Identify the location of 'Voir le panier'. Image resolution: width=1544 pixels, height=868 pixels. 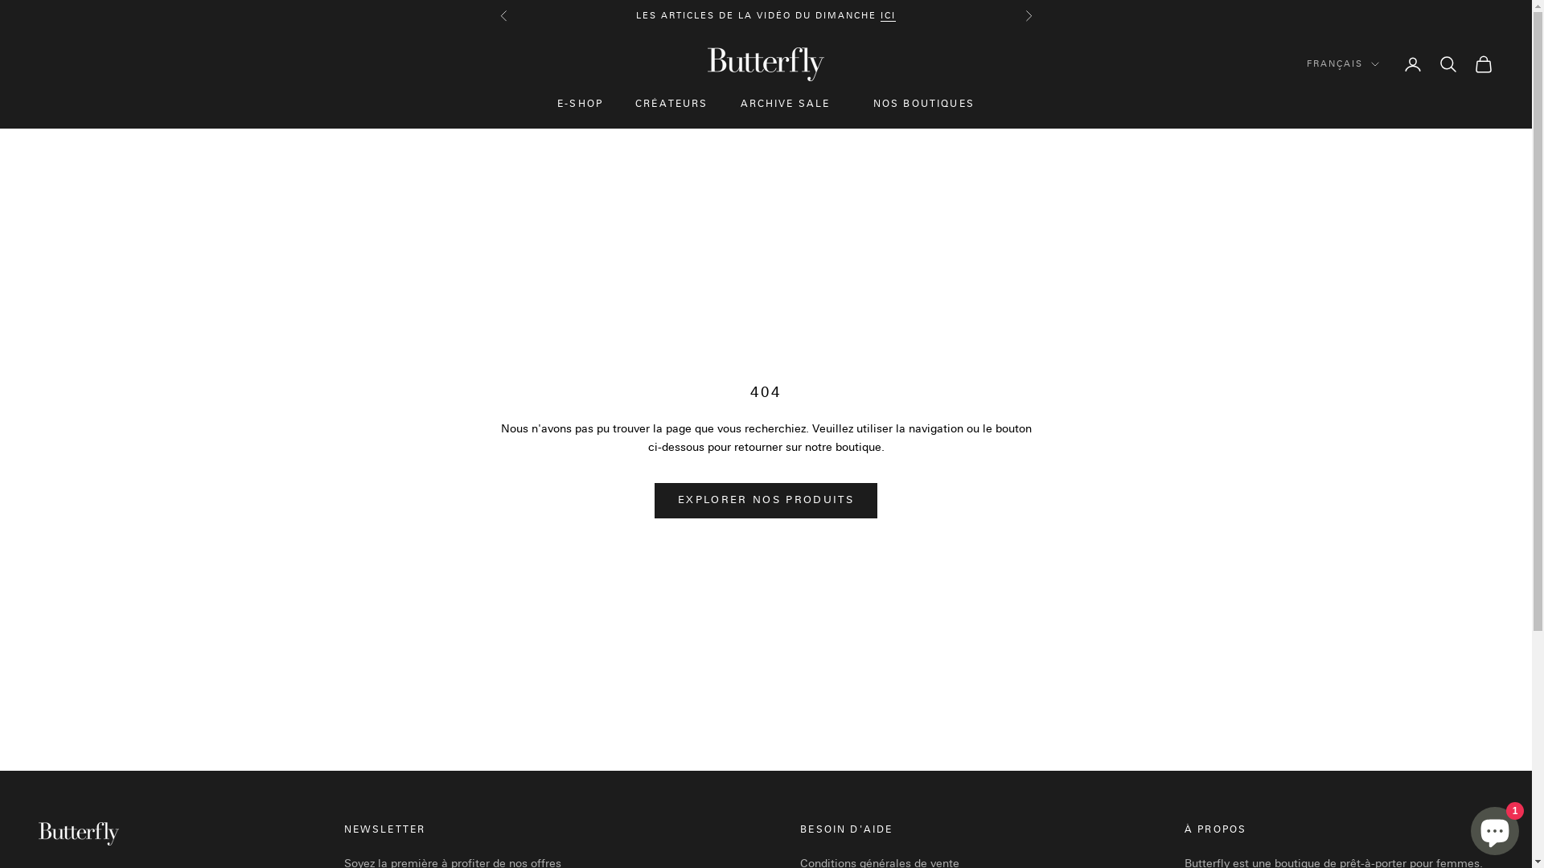
(1482, 63).